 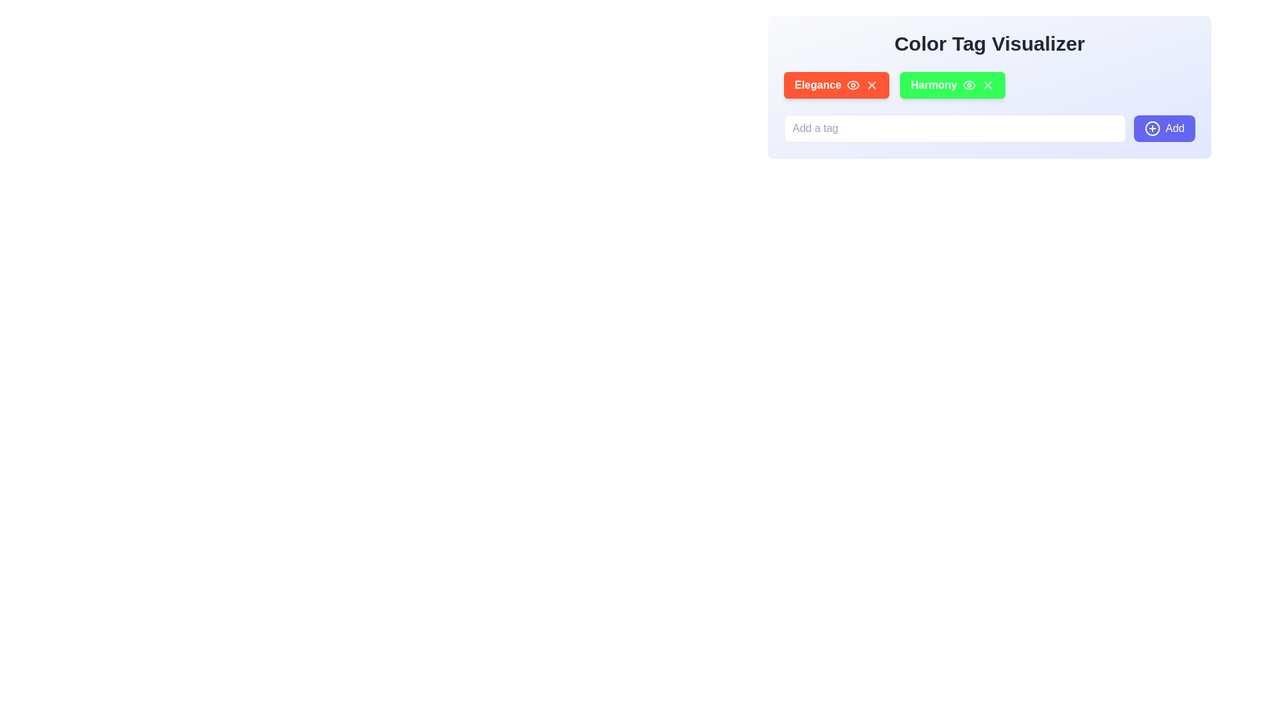 I want to click on the Close icon in the top-right corner of the green 'Harmony' label within the 'Color Tag Visualizer' panel, so click(x=987, y=85).